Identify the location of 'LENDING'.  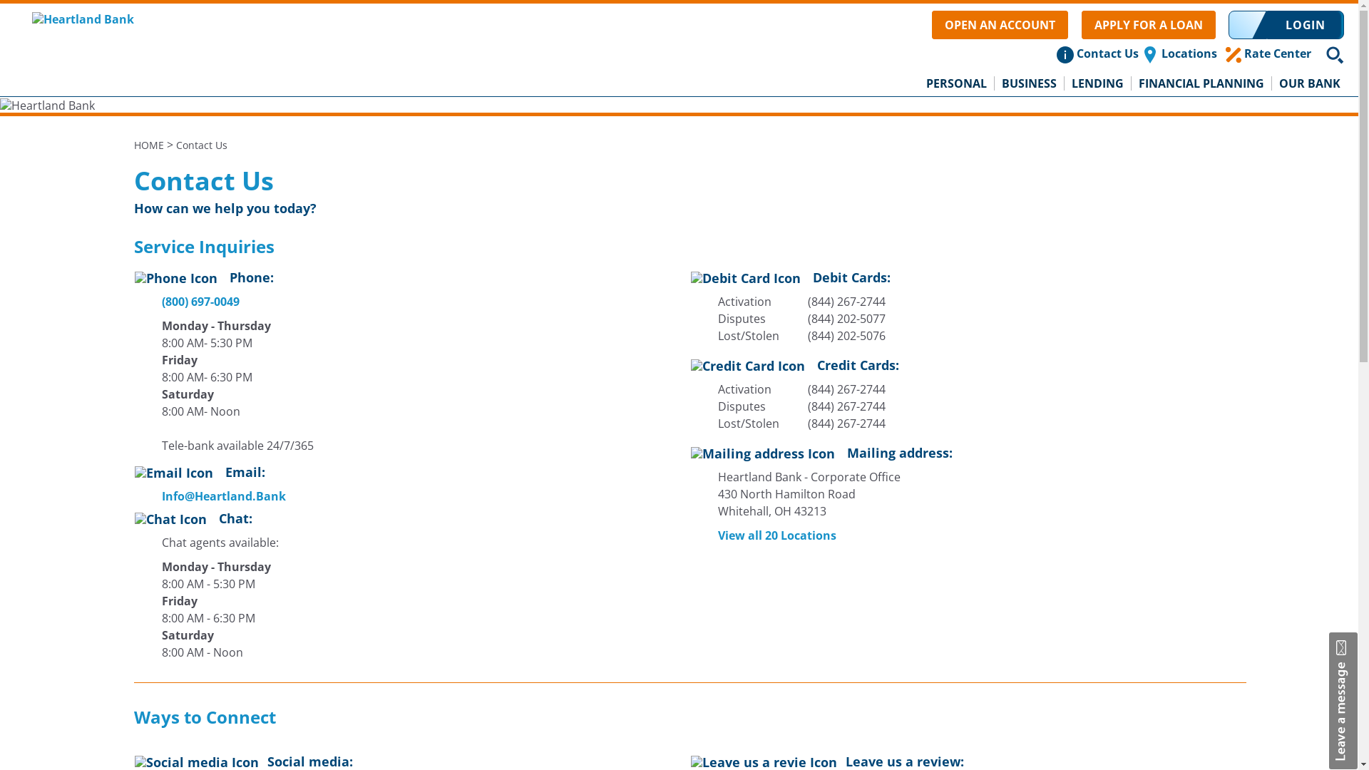
(1064, 83).